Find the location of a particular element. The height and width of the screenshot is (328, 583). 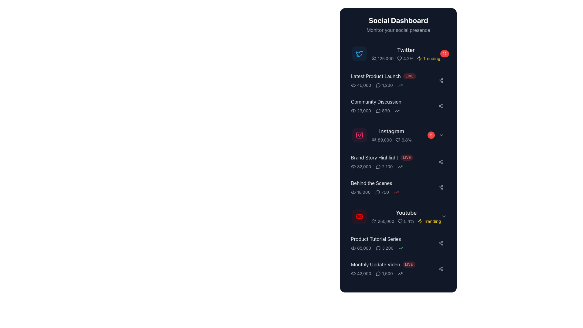

the YouTube play icon button, which is a square button with rounded corners and a subtle red background, located in the leftmost part of the panel displaying YouTube engagement metrics is located at coordinates (360, 216).